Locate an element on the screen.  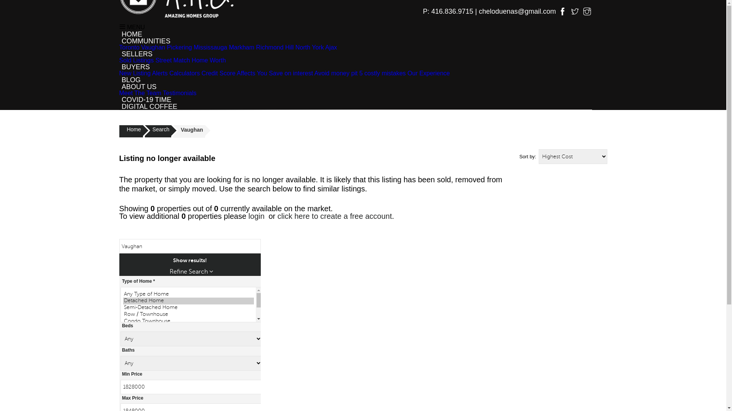
'BLOG' is located at coordinates (119, 80).